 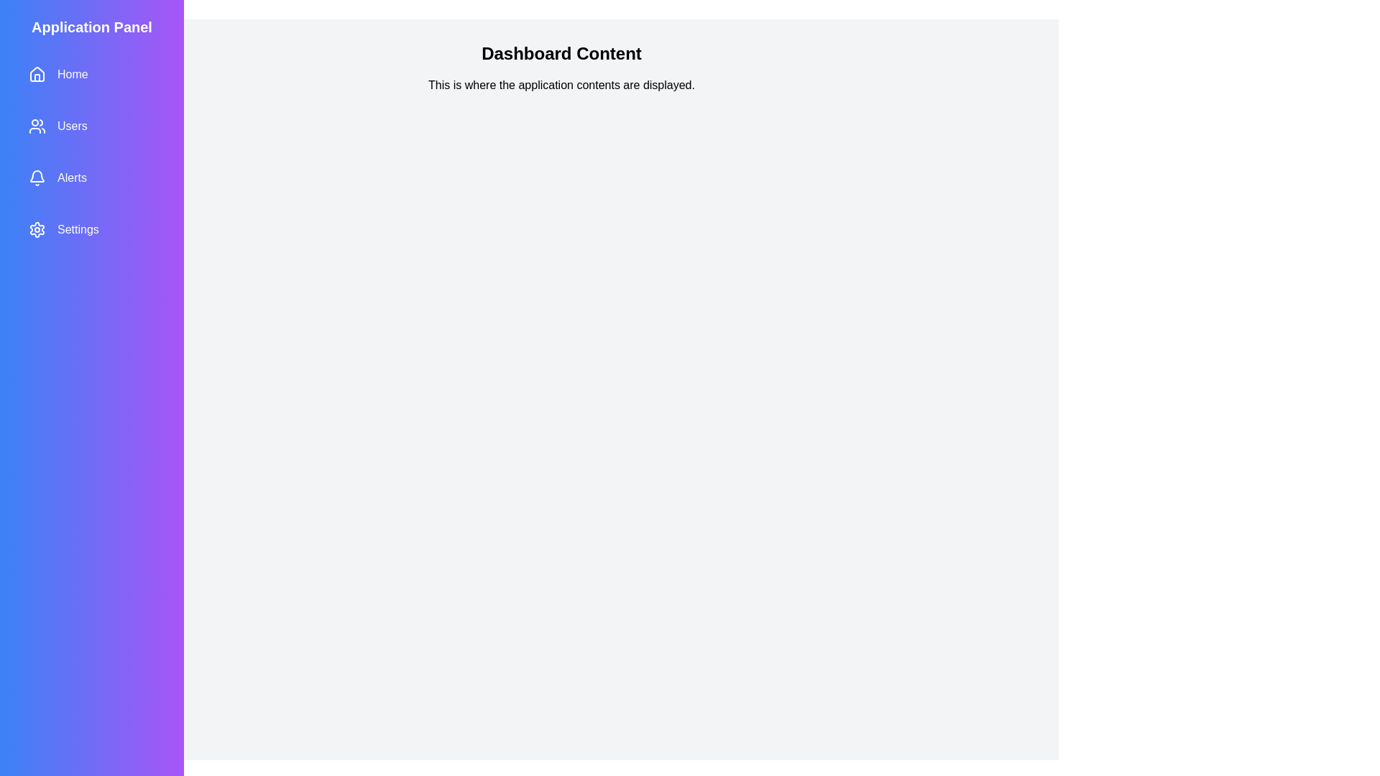 I want to click on the navigation item Alerts from the sidebar, so click(x=91, y=177).